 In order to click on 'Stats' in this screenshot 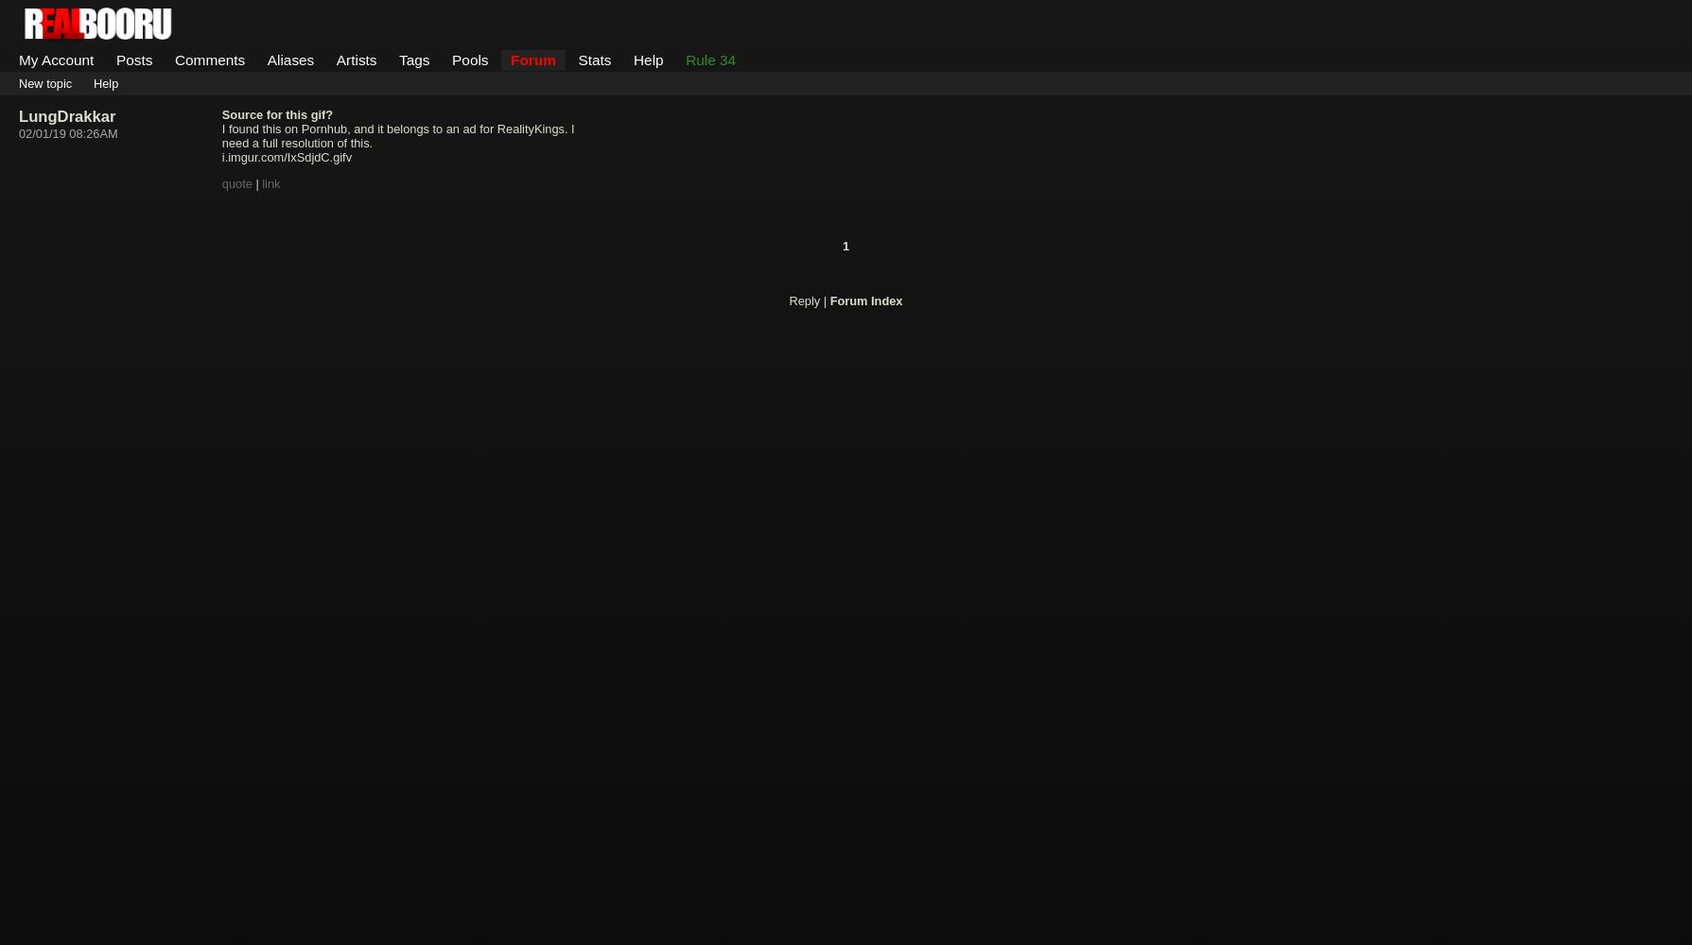, I will do `click(594, 59)`.